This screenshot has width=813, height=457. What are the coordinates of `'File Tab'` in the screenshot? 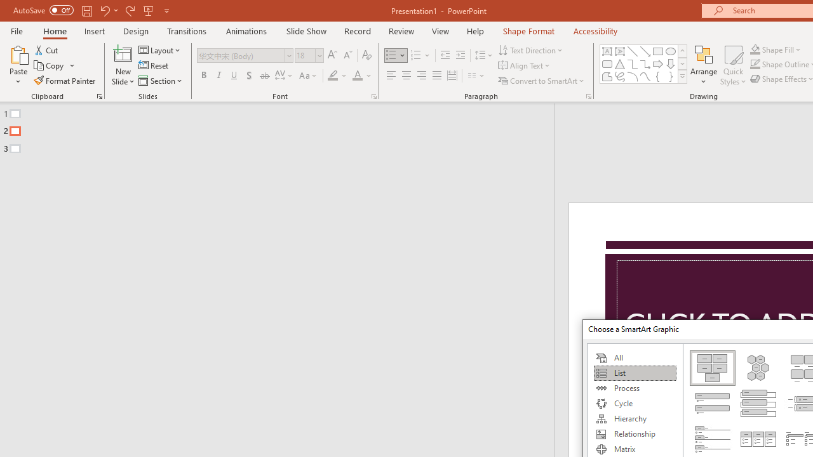 It's located at (17, 30).